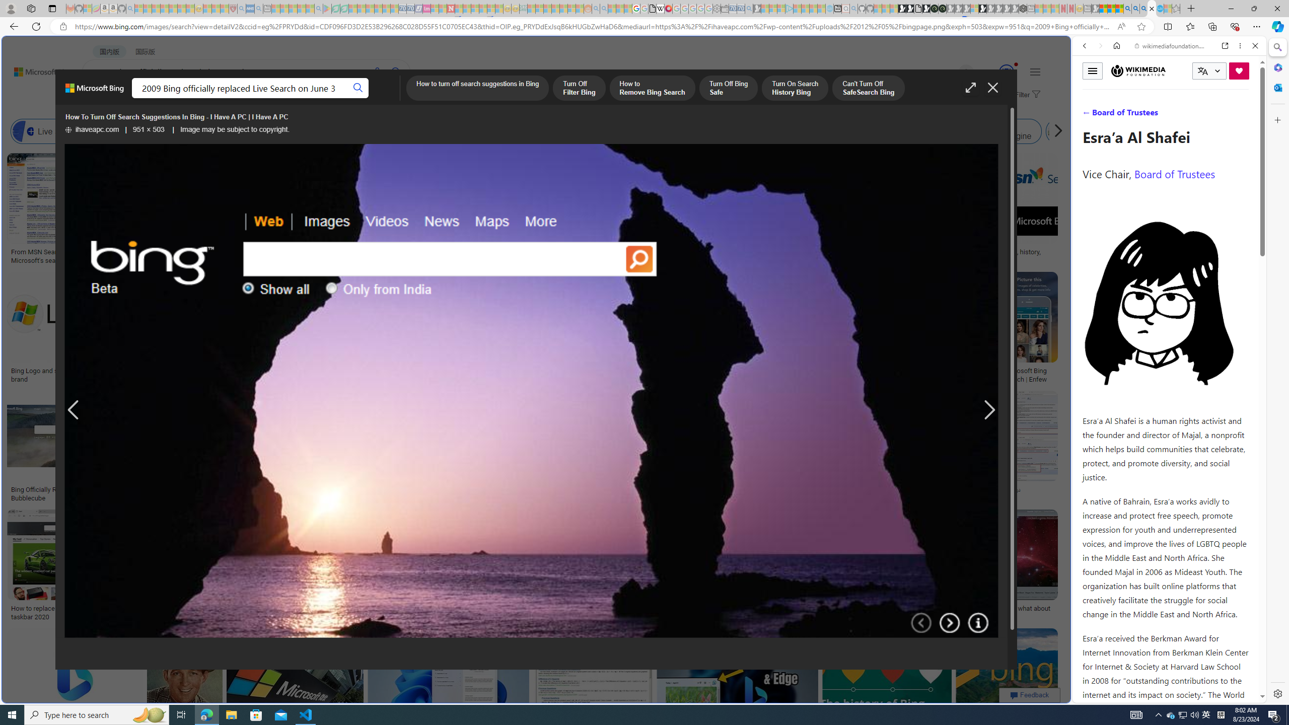  Describe the element at coordinates (945, 131) in the screenshot. I see `'Owner of Bing Search Engine'` at that location.